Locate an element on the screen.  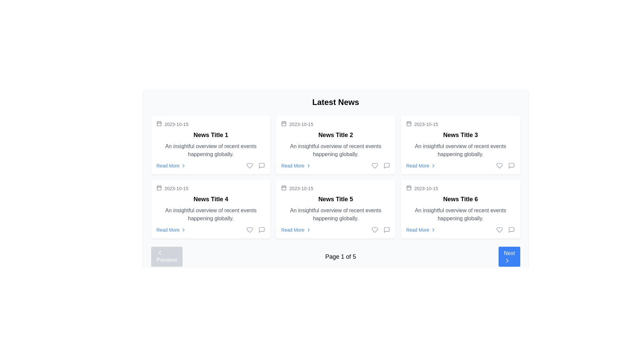
the gray speech bubble icon located to the left of the heart icon in the action group at the bottom right corner of the card labeled 'News Title 4' is located at coordinates (261, 229).